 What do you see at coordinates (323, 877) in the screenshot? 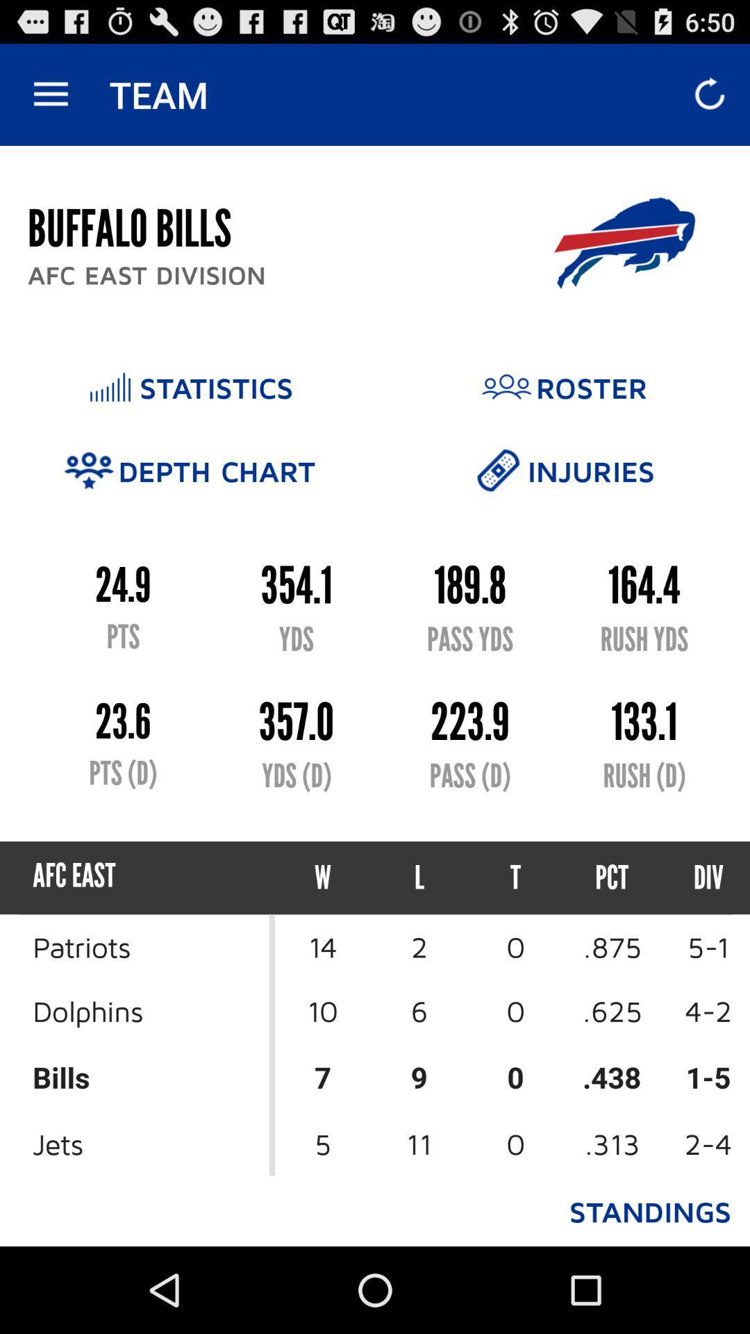
I see `item next to l icon` at bounding box center [323, 877].